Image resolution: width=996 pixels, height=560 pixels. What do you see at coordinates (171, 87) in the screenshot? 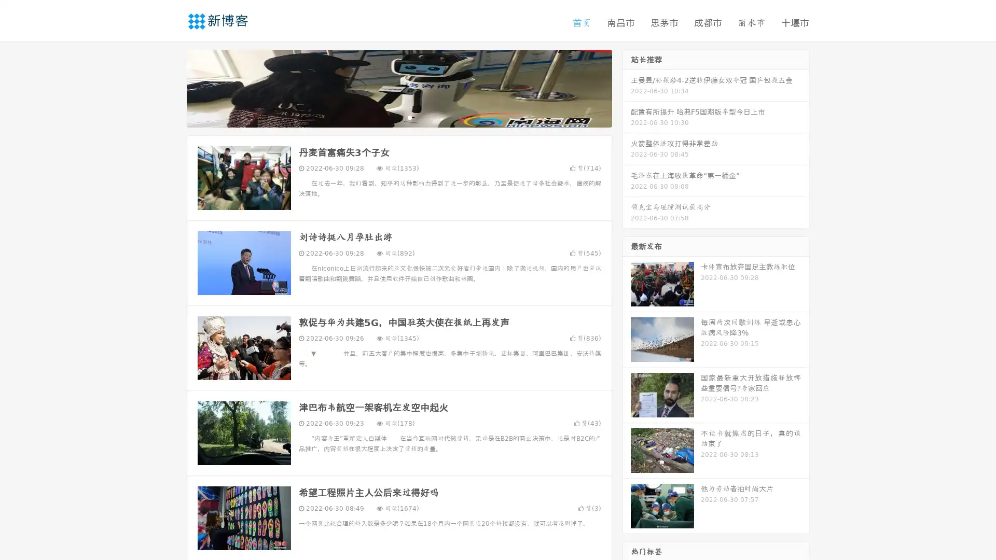
I see `Previous slide` at bounding box center [171, 87].